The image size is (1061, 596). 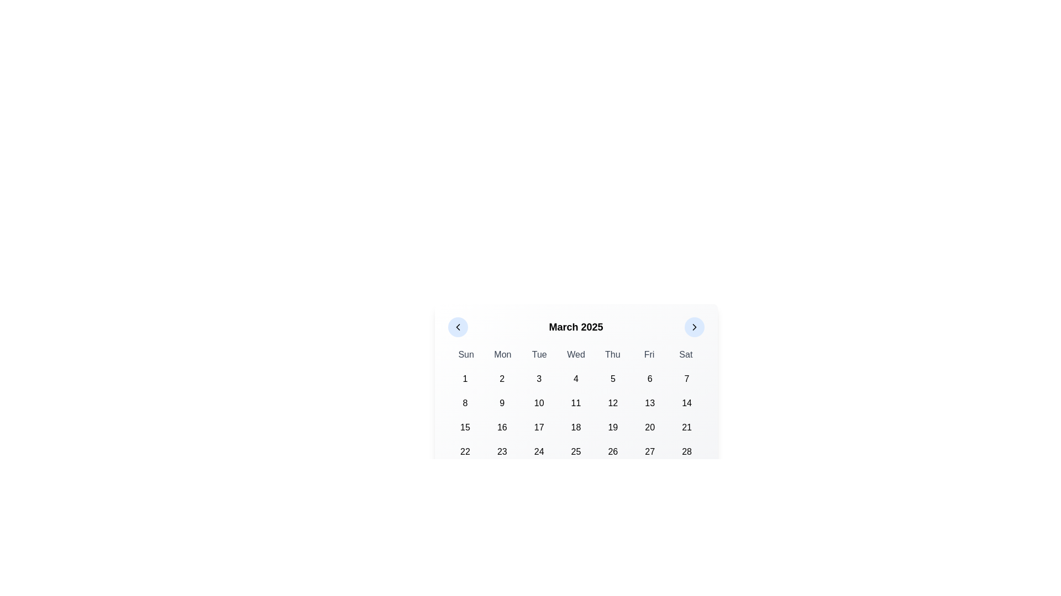 I want to click on the square-shaped button labeled '4' in the calendar interface for keyboard interactions, so click(x=575, y=378).